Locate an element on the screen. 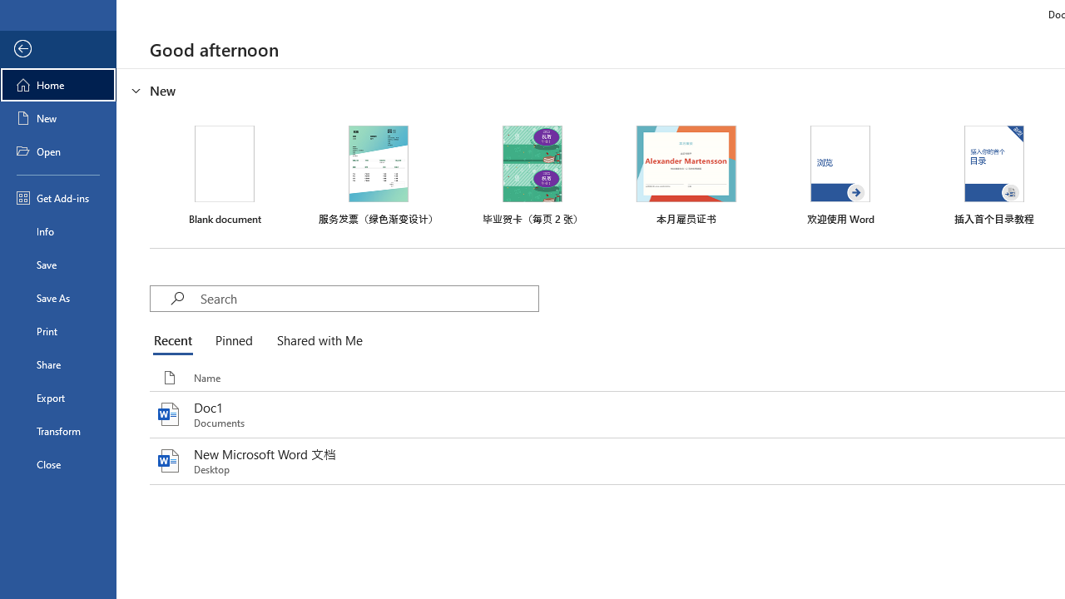  'Shared with Me' is located at coordinates (316, 341).